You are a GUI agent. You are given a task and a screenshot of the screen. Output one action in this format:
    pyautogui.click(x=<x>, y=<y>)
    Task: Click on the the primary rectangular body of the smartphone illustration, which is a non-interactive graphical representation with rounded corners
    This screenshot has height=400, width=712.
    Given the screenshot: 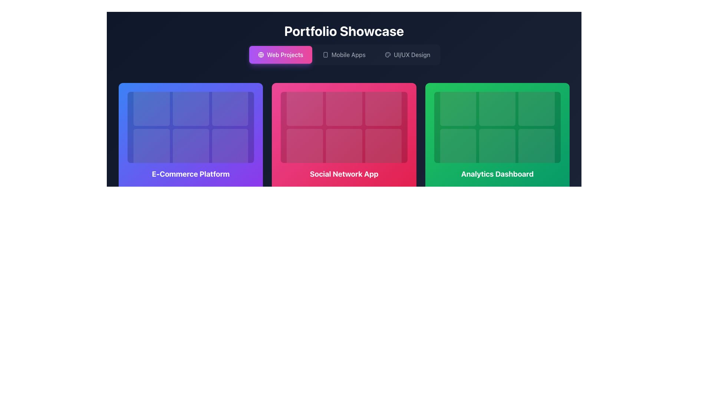 What is the action you would take?
    pyautogui.click(x=325, y=54)
    